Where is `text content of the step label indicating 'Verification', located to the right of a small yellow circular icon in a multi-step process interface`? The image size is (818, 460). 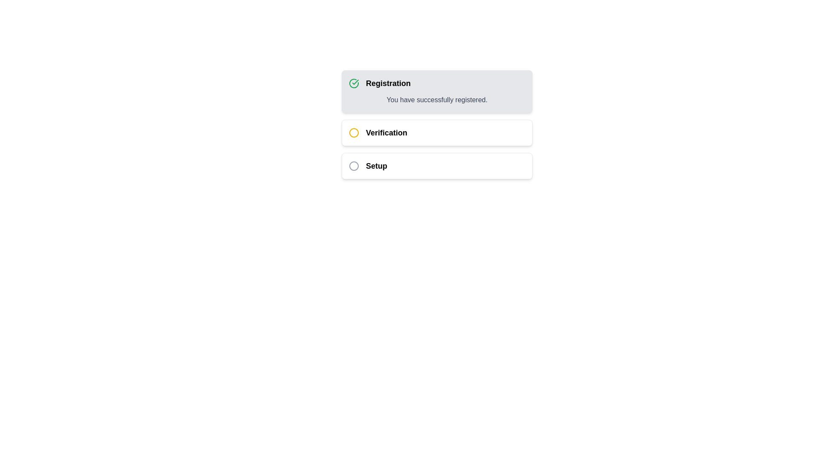 text content of the step label indicating 'Verification', located to the right of a small yellow circular icon in a multi-step process interface is located at coordinates (386, 133).